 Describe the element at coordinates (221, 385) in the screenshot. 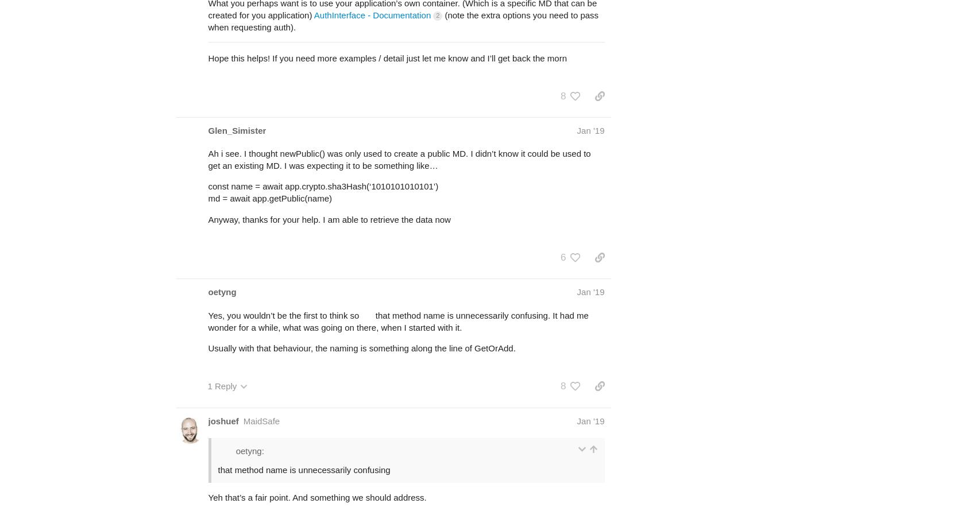

I see `'1 Reply'` at that location.